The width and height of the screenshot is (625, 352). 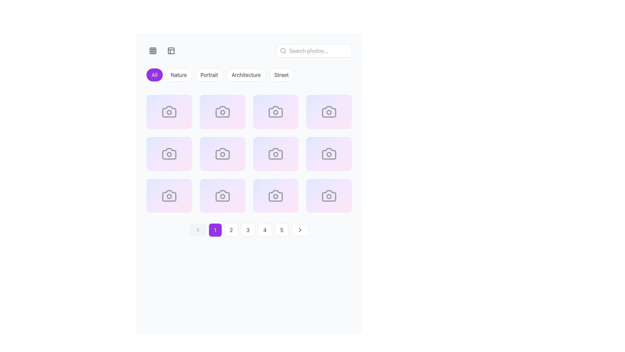 What do you see at coordinates (276, 196) in the screenshot?
I see `the camera icon located in the fourth cell of the second row of the grid layout` at bounding box center [276, 196].